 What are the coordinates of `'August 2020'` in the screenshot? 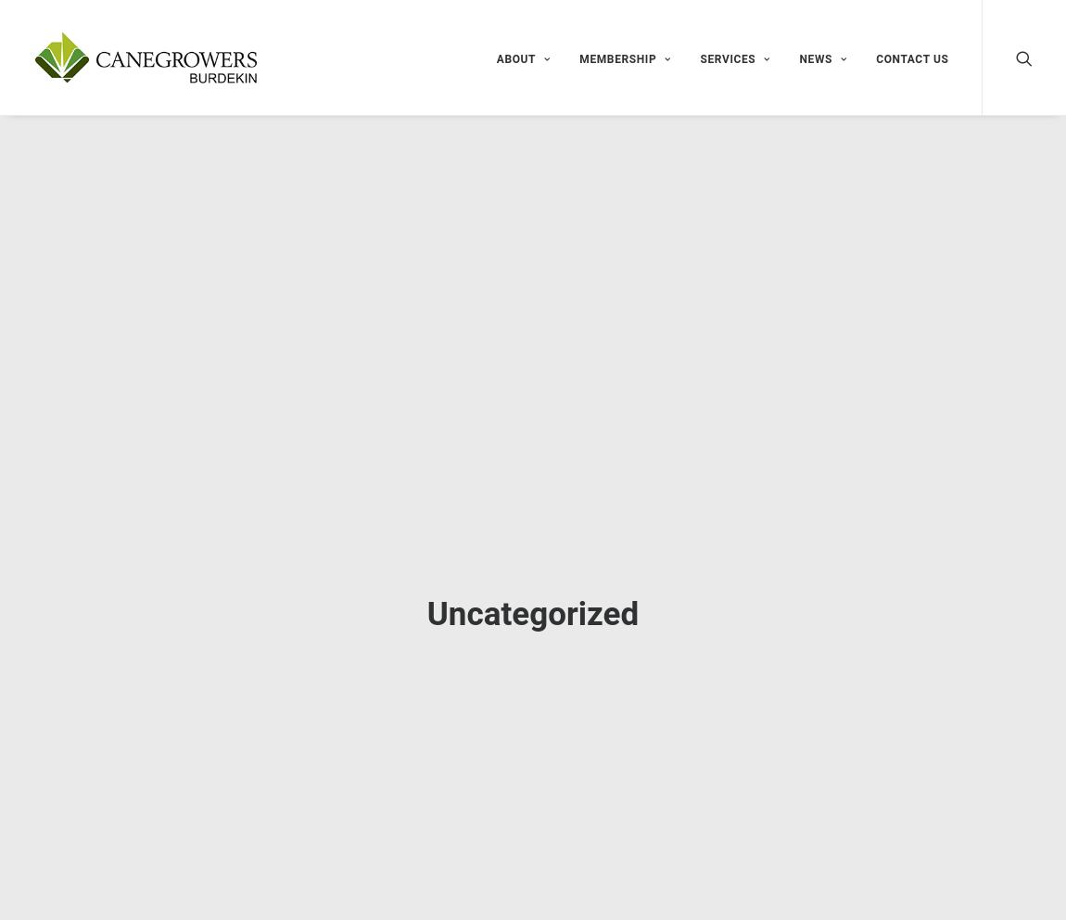 It's located at (784, 885).